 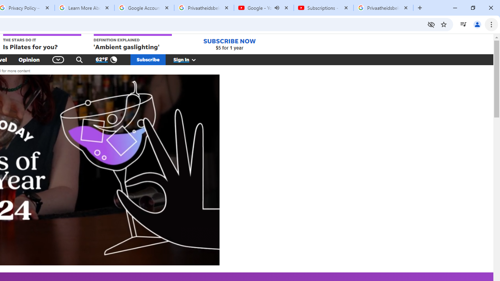 I want to click on 'Global Navigation', so click(x=58, y=59).